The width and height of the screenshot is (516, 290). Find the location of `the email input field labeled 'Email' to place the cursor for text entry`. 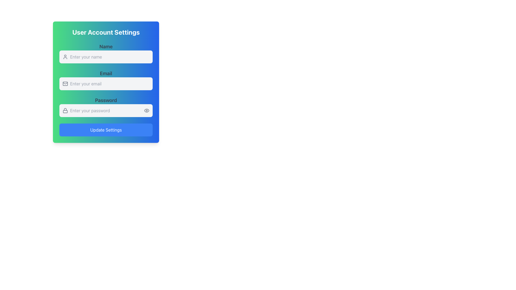

the email input field labeled 'Email' to place the cursor for text entry is located at coordinates (106, 80).